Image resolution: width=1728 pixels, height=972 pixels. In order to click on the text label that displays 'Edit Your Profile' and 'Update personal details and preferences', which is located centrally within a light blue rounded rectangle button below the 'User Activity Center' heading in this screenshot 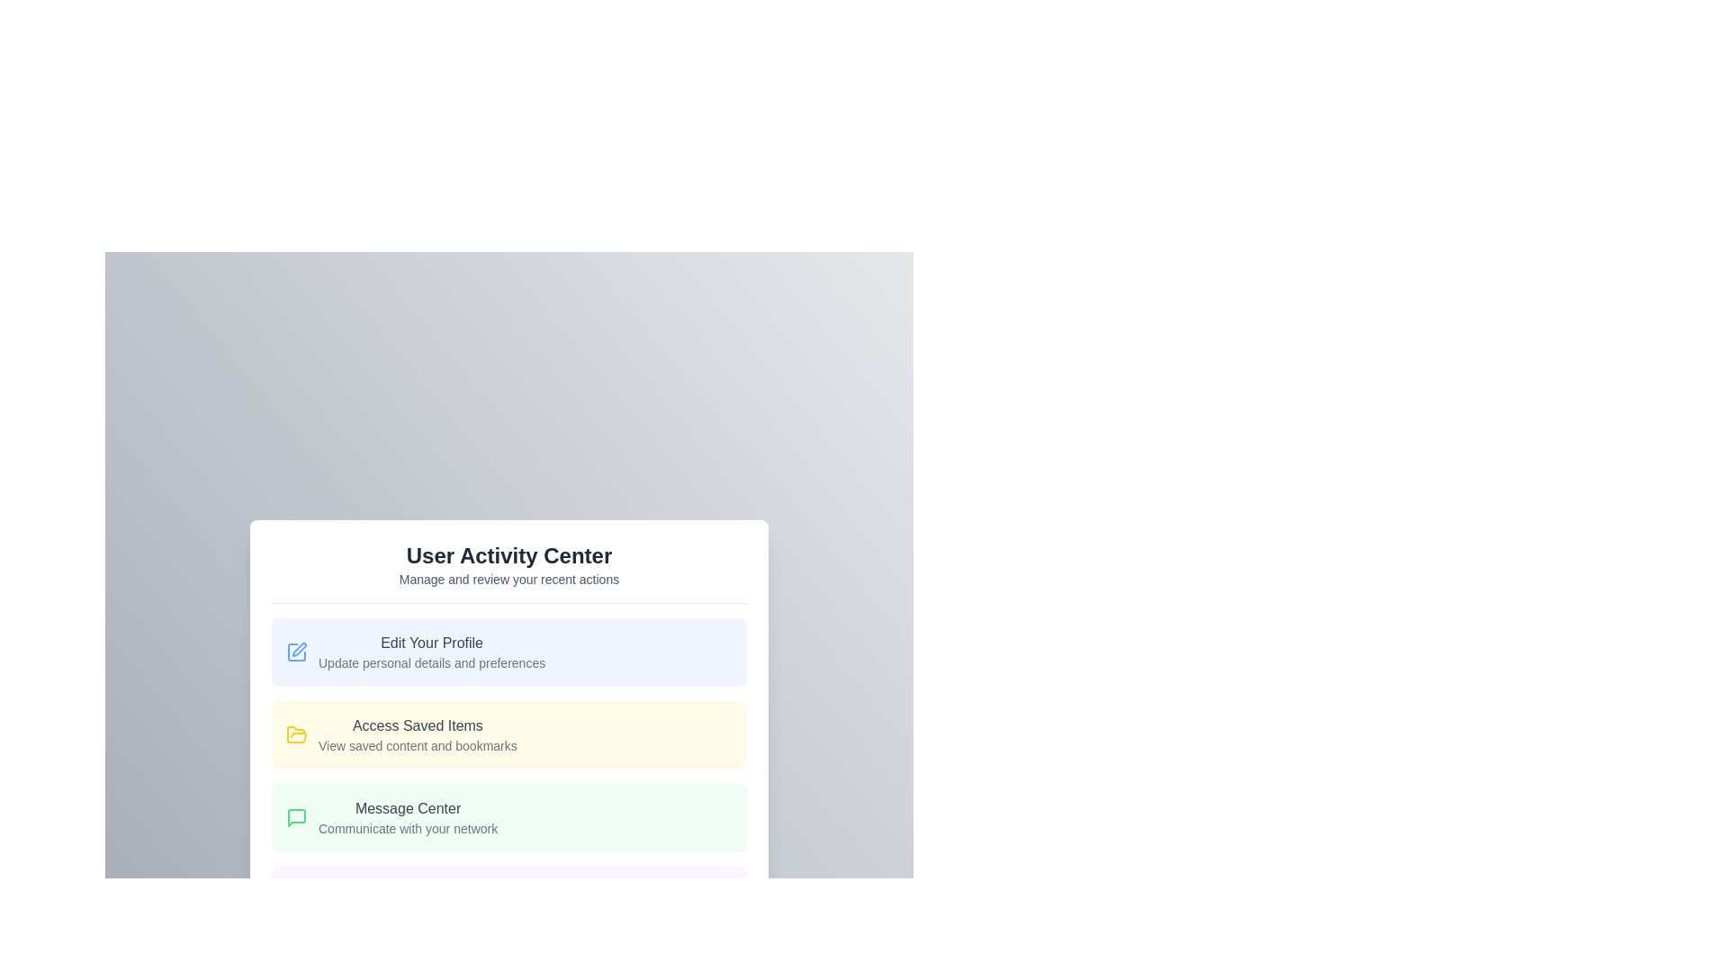, I will do `click(432, 652)`.